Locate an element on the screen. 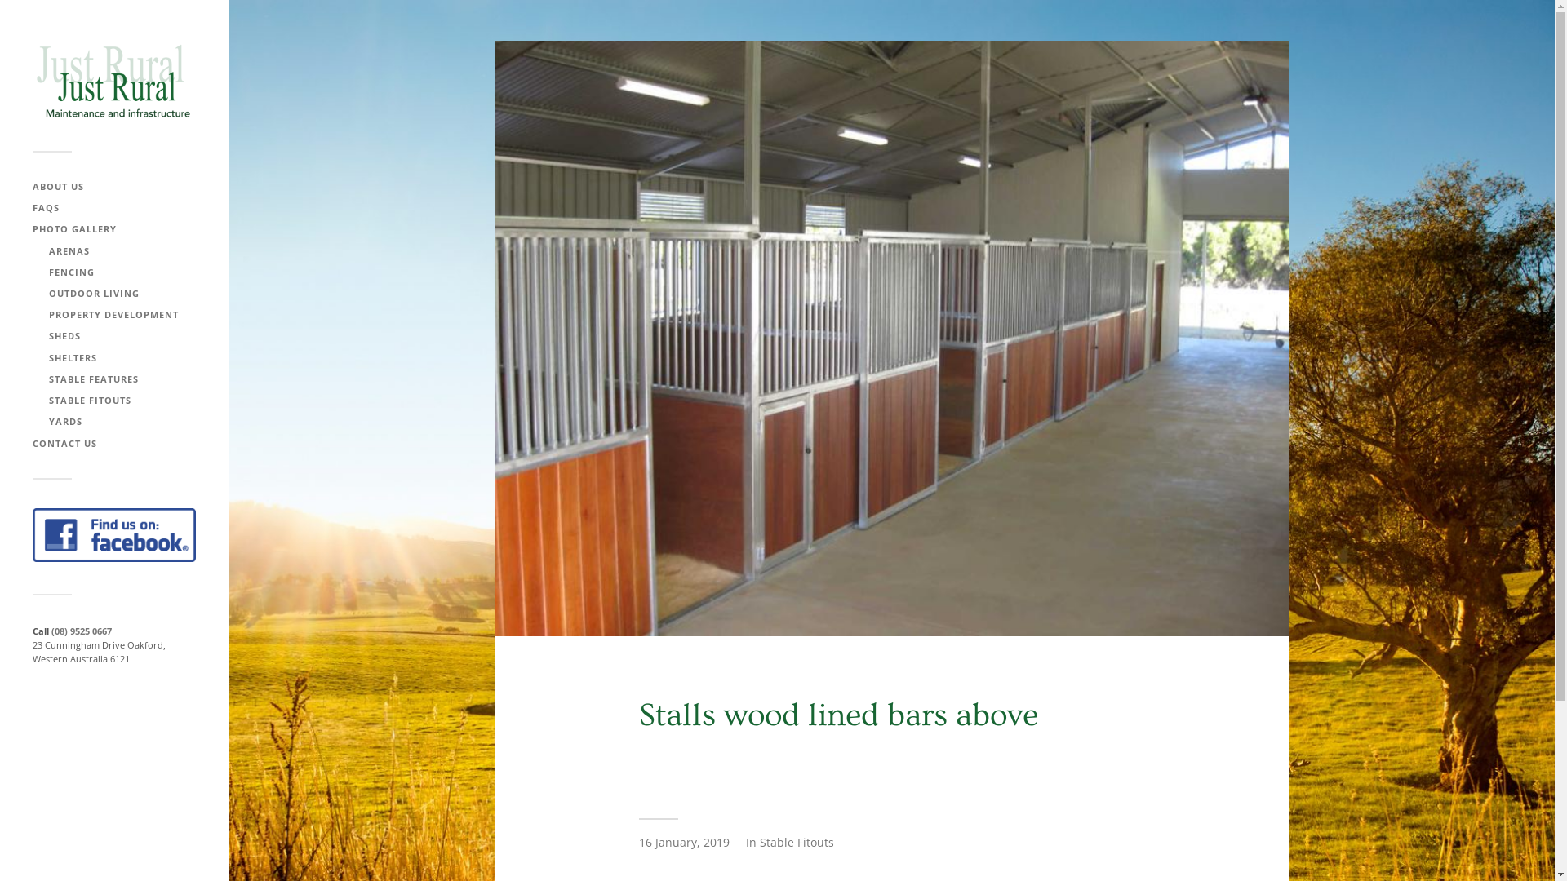 This screenshot has height=881, width=1567. 'FENCING' is located at coordinates (48, 271).